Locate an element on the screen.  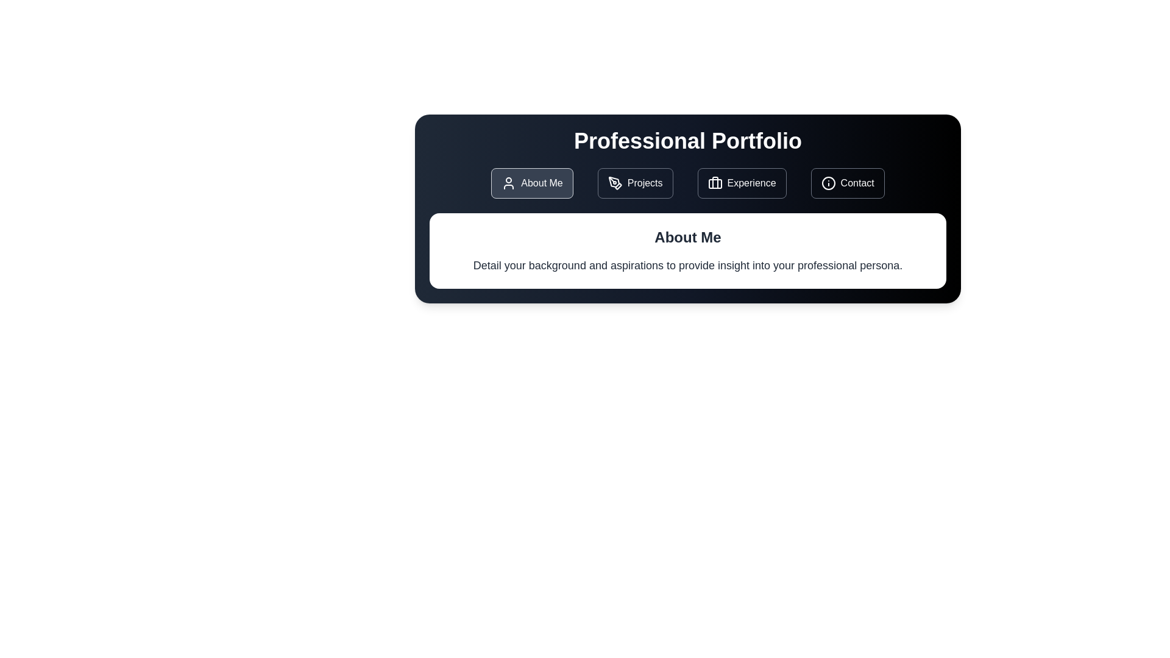
the 'Contact' button, which is the fourth button with a black background and white text is located at coordinates (847, 183).